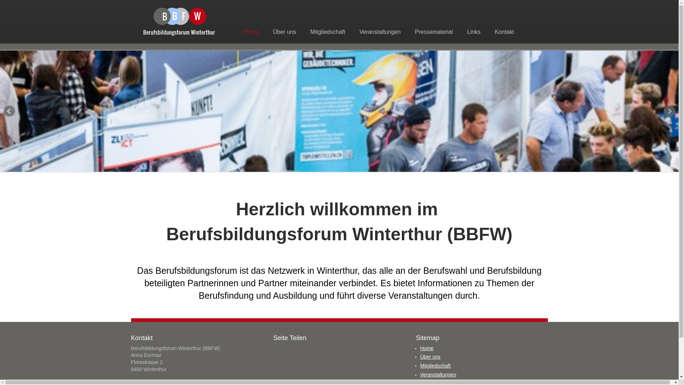 The height and width of the screenshot is (385, 684). I want to click on 'Prev', so click(9, 111).